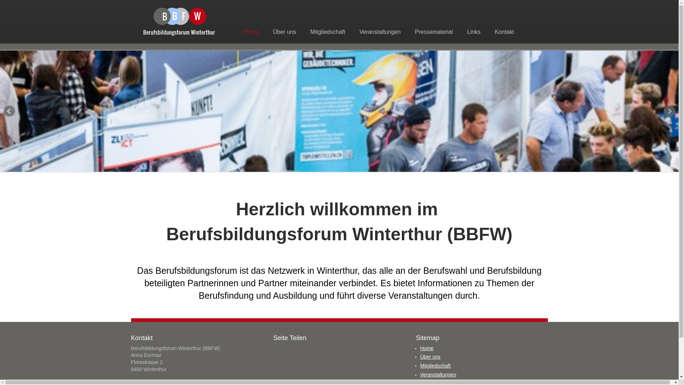 The height and width of the screenshot is (385, 684). I want to click on 'Prev', so click(9, 111).